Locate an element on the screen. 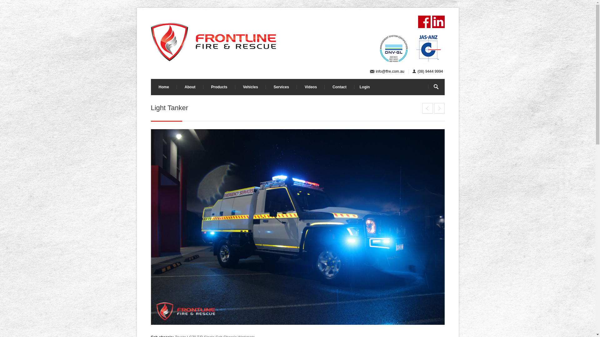  '3.4 Urban Tanker' is located at coordinates (439, 108).